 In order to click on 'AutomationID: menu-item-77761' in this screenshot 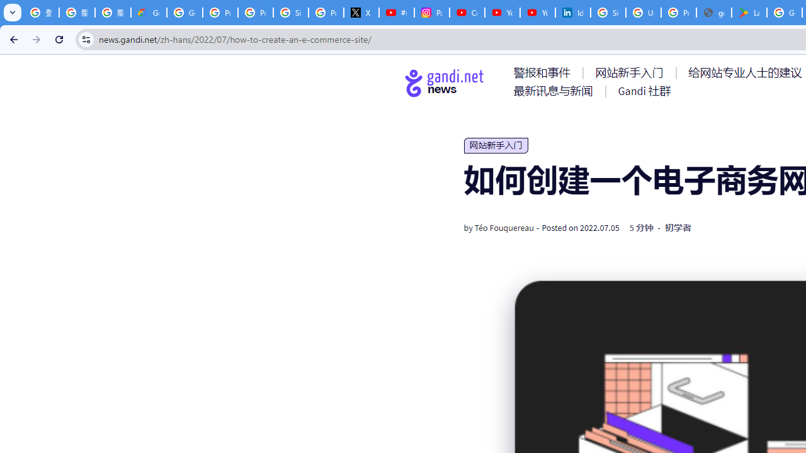, I will do `click(544, 72)`.